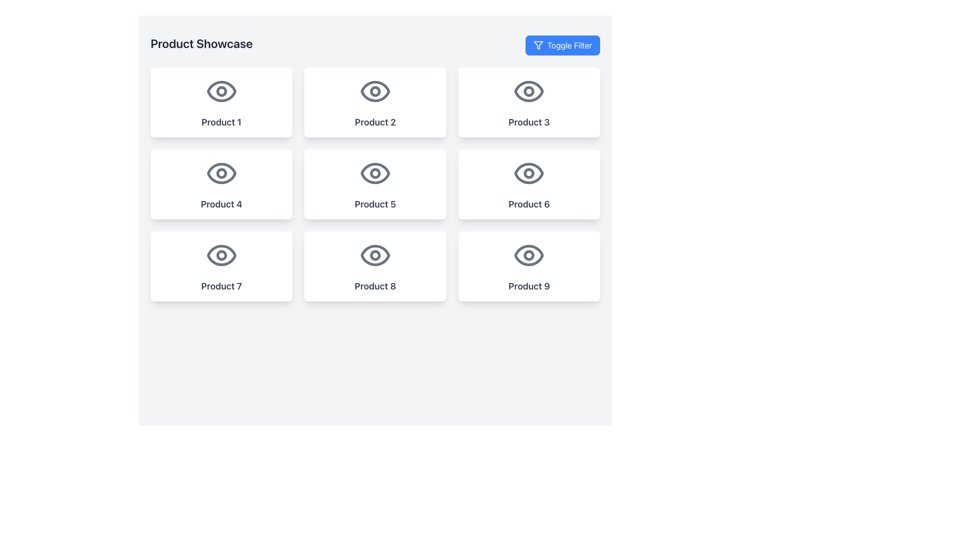 This screenshot has height=540, width=961. Describe the element at coordinates (529, 91) in the screenshot. I see `the circular pupil detail within the eye icon of the third product card labeled 'Product 3' in the grid of nine products` at that location.